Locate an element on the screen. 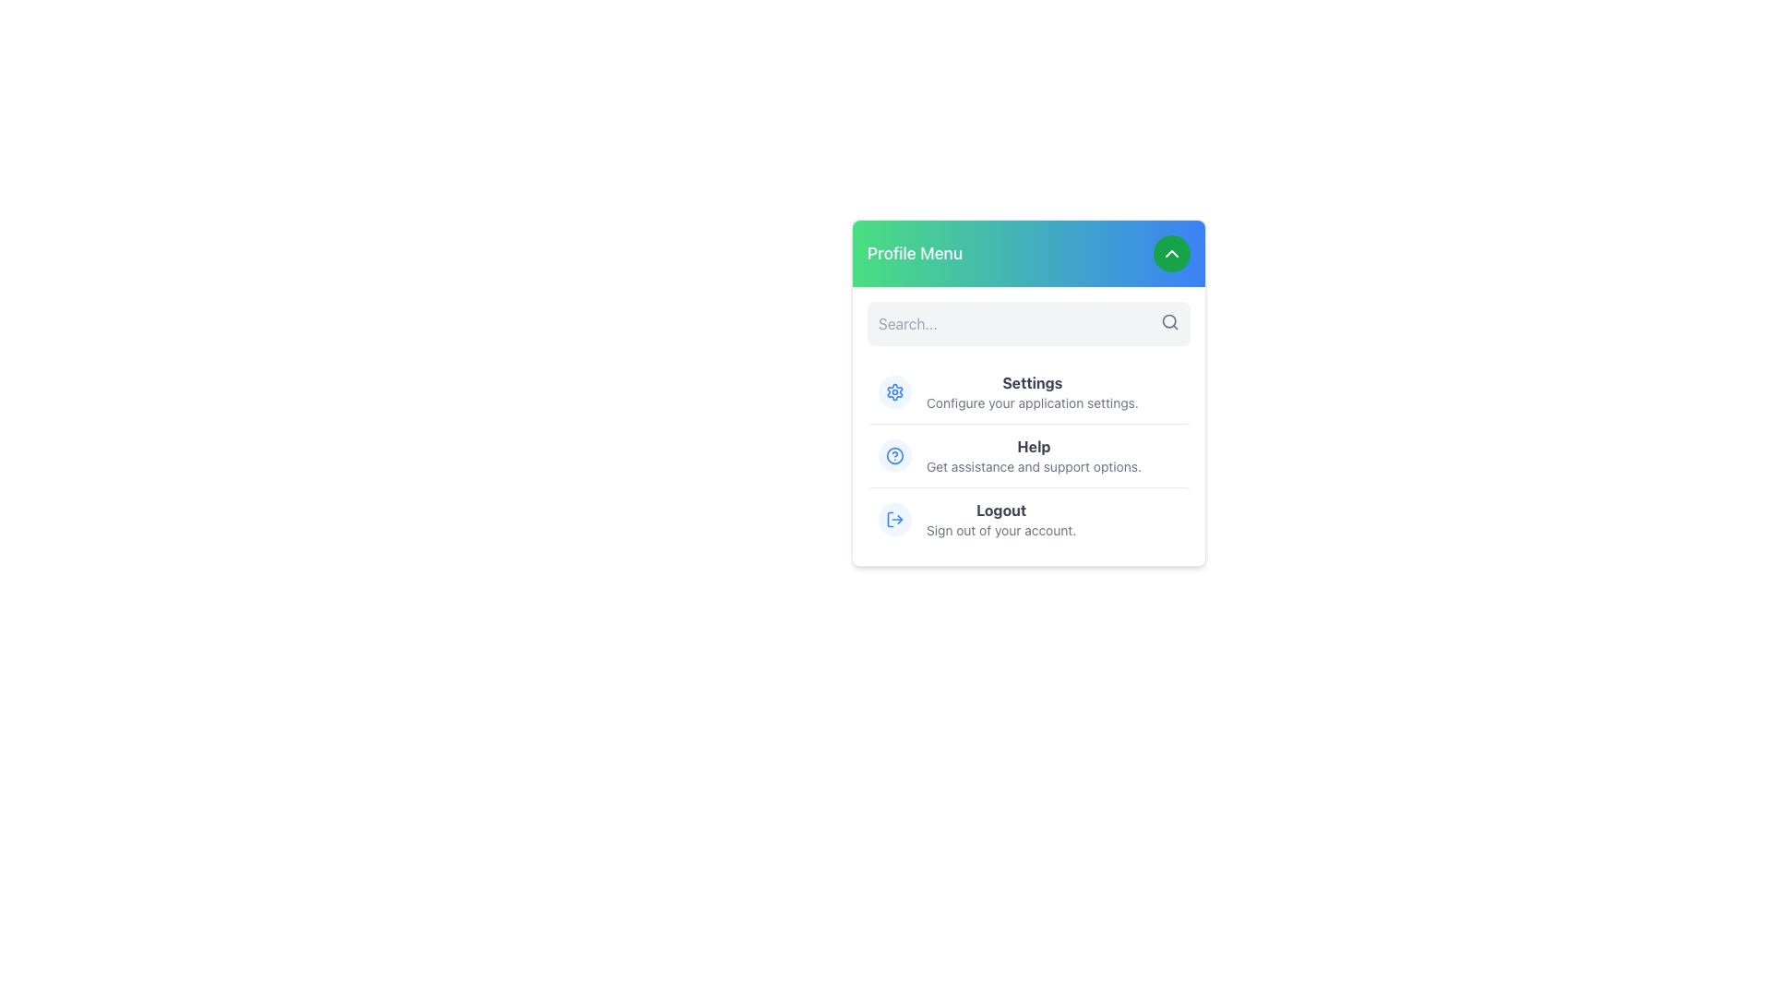 The width and height of the screenshot is (1772, 997). 'Settings' navigation menu item text, which consists of 'Settings' in bold dark gray and 'Configure your application settings.' in smaller lighter gray, located in the middle section of the vertical menu is located at coordinates (1031, 390).